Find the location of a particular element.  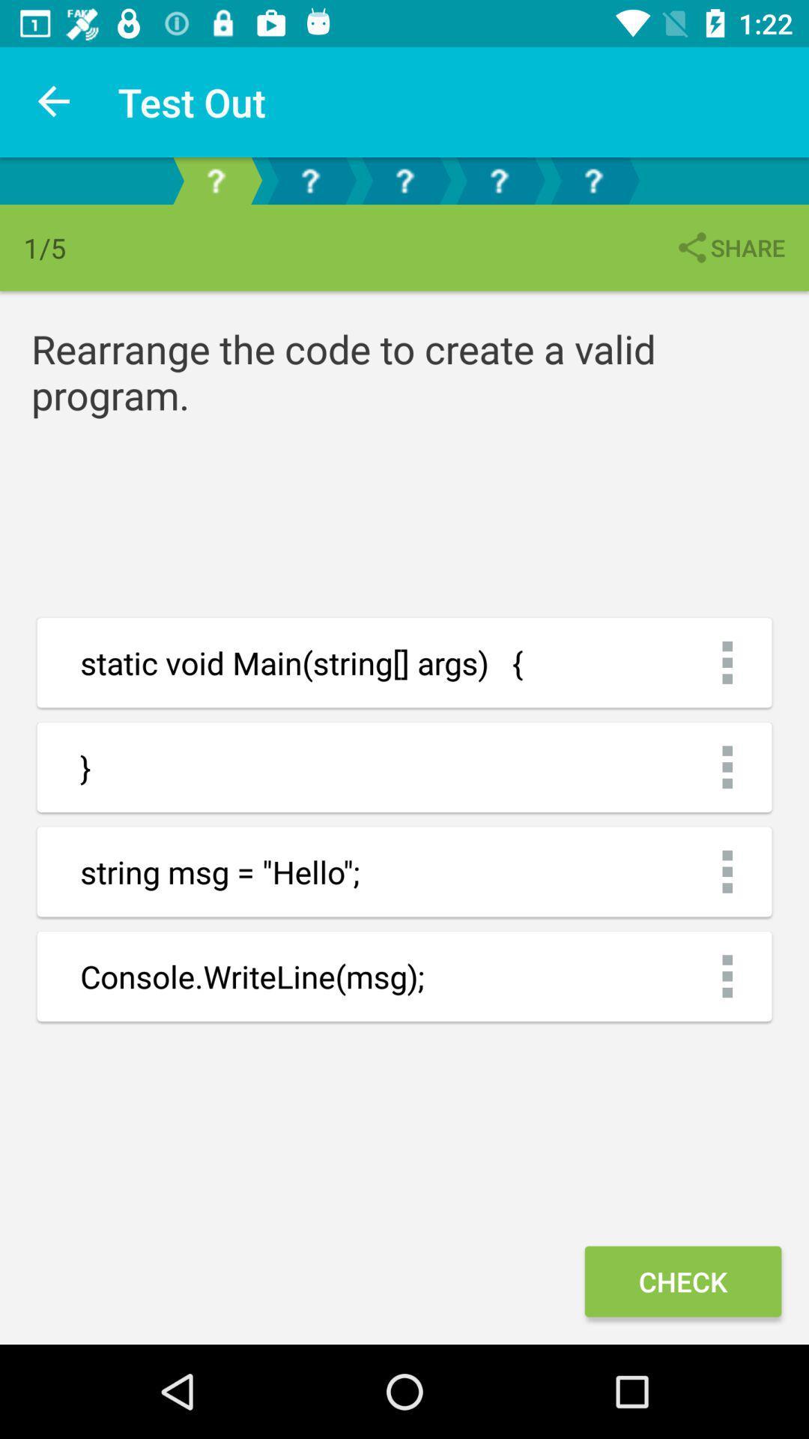

the help icon is located at coordinates (499, 180).